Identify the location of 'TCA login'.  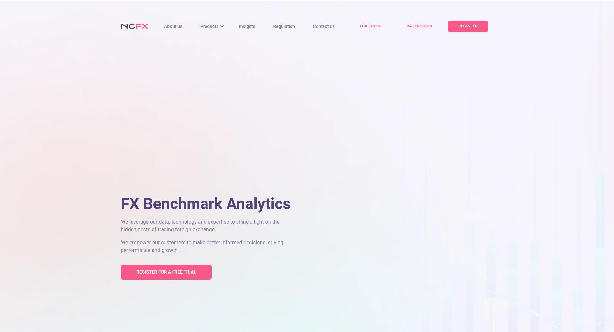
(369, 25).